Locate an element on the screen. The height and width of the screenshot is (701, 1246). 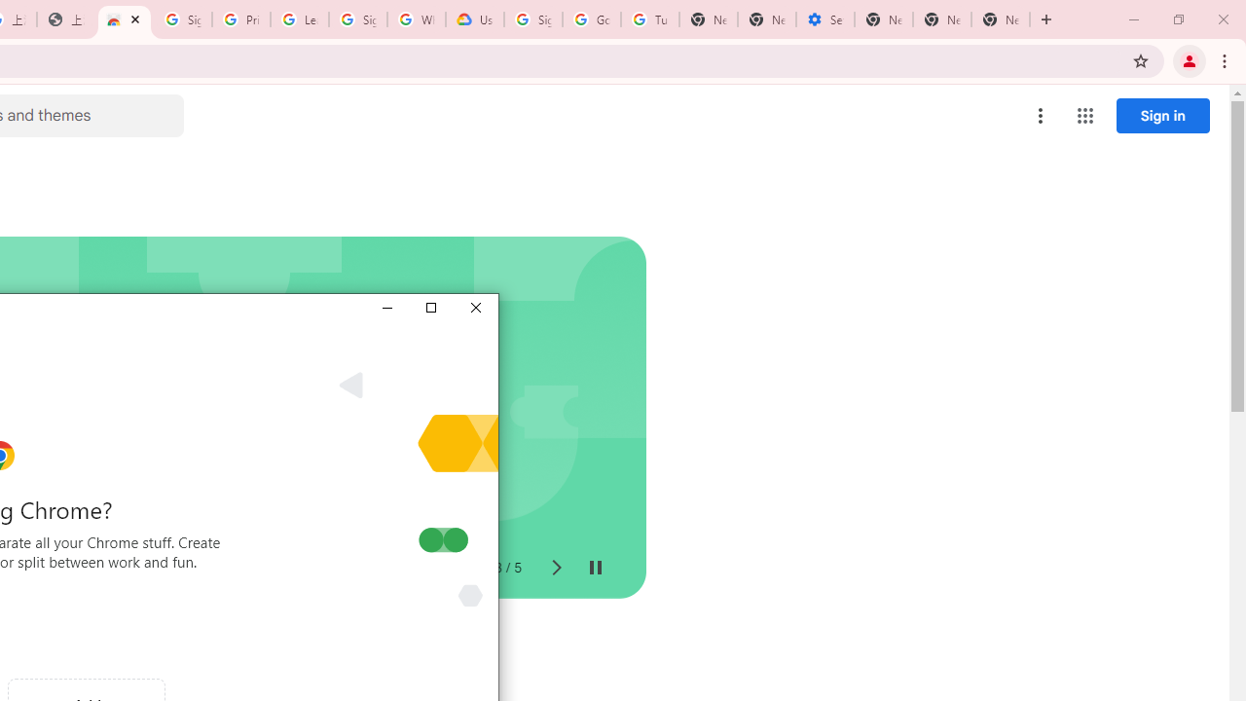
'More options menu' is located at coordinates (1040, 116).